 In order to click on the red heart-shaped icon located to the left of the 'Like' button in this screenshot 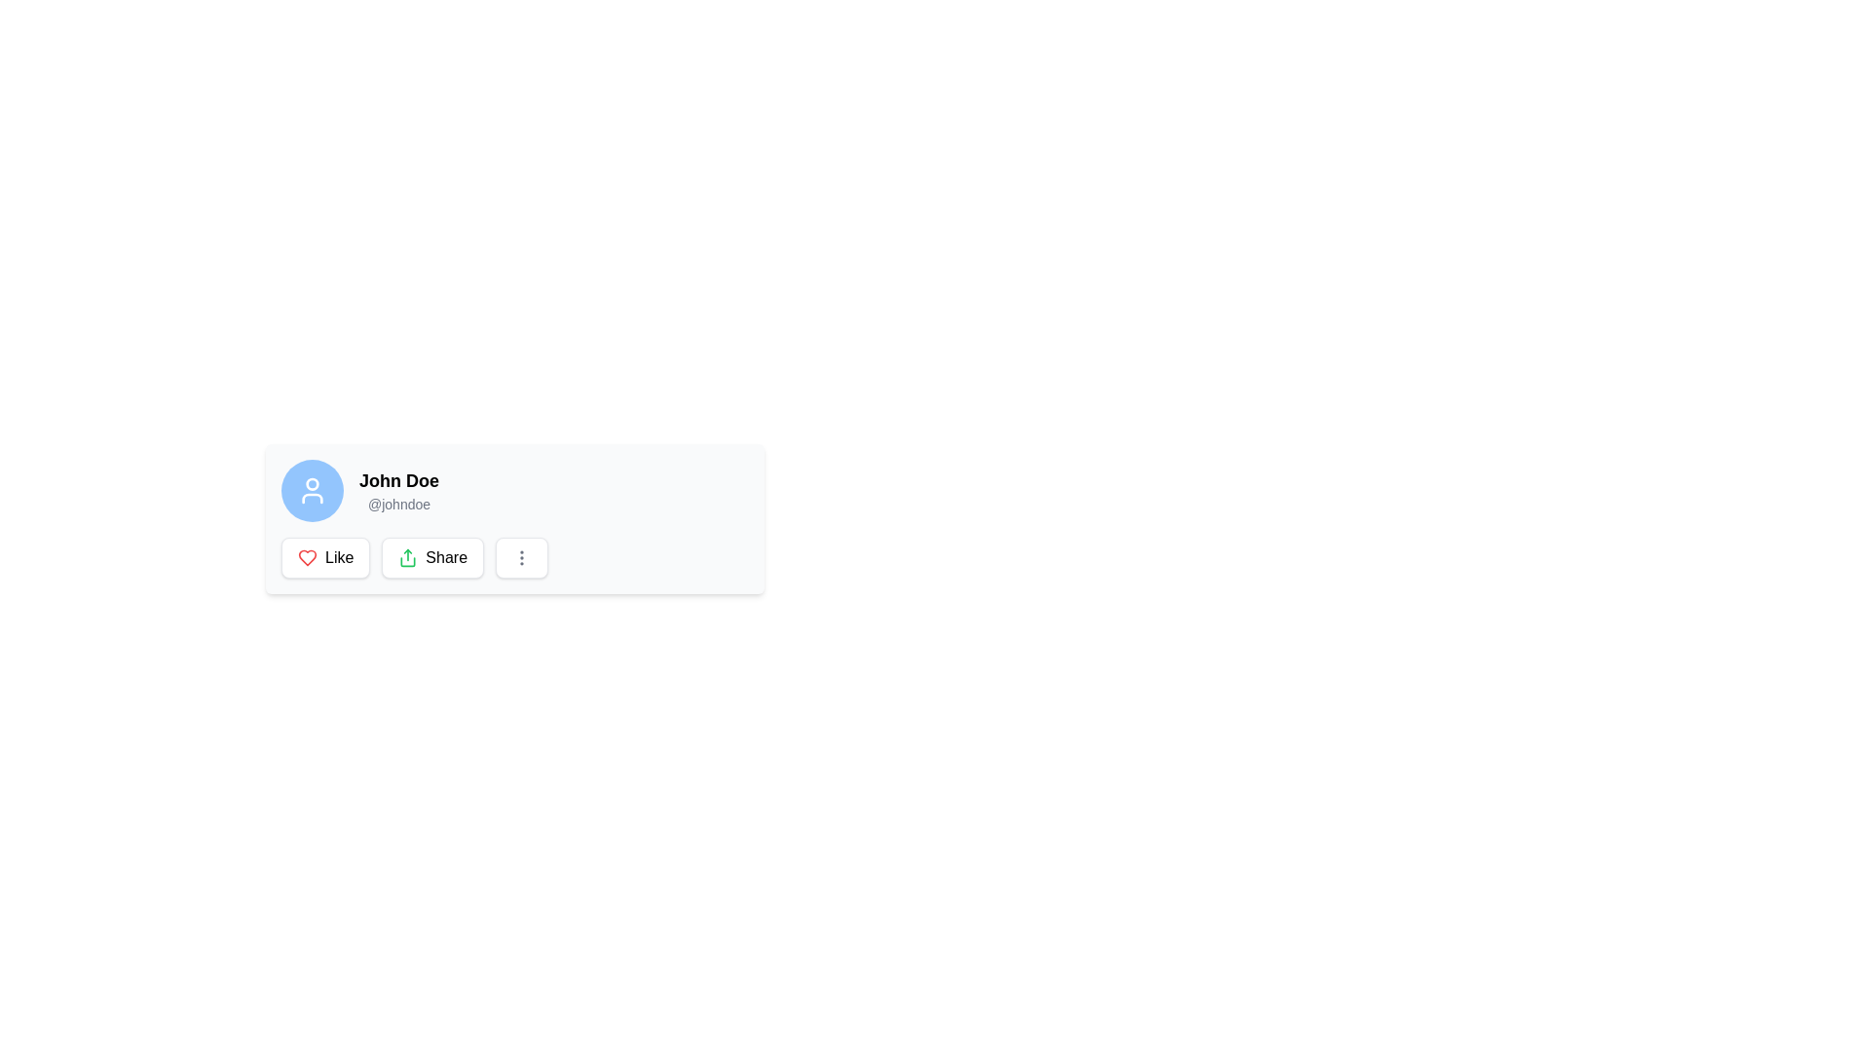, I will do `click(307, 558)`.